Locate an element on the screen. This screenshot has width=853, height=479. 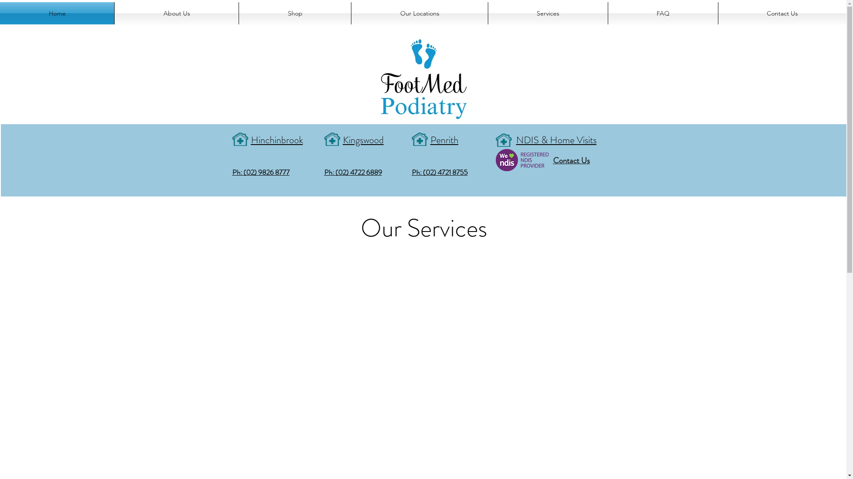
'Penrith' is located at coordinates (444, 138).